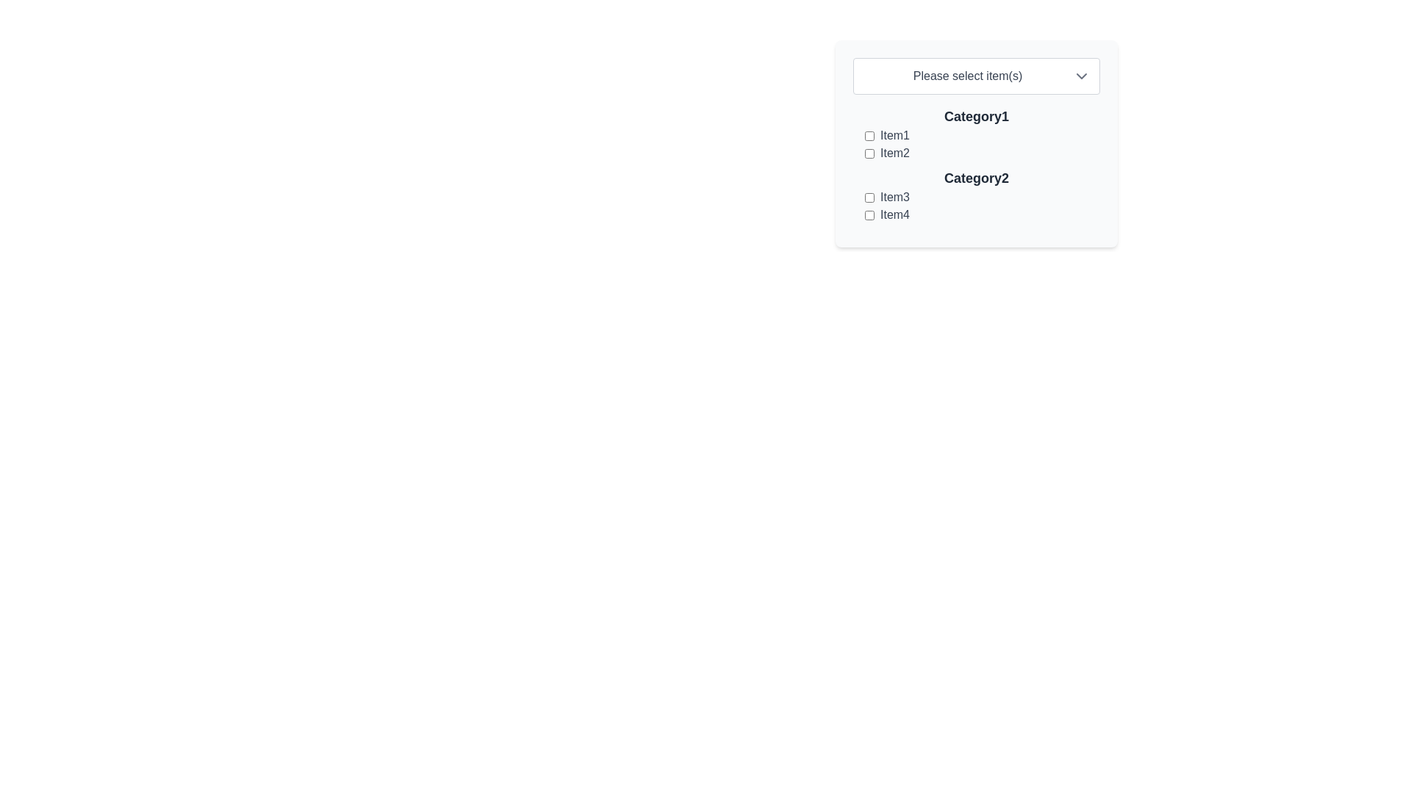 Image resolution: width=1411 pixels, height=793 pixels. What do you see at coordinates (869, 136) in the screenshot?
I see `the checkbox associated with 'Item1'` at bounding box center [869, 136].